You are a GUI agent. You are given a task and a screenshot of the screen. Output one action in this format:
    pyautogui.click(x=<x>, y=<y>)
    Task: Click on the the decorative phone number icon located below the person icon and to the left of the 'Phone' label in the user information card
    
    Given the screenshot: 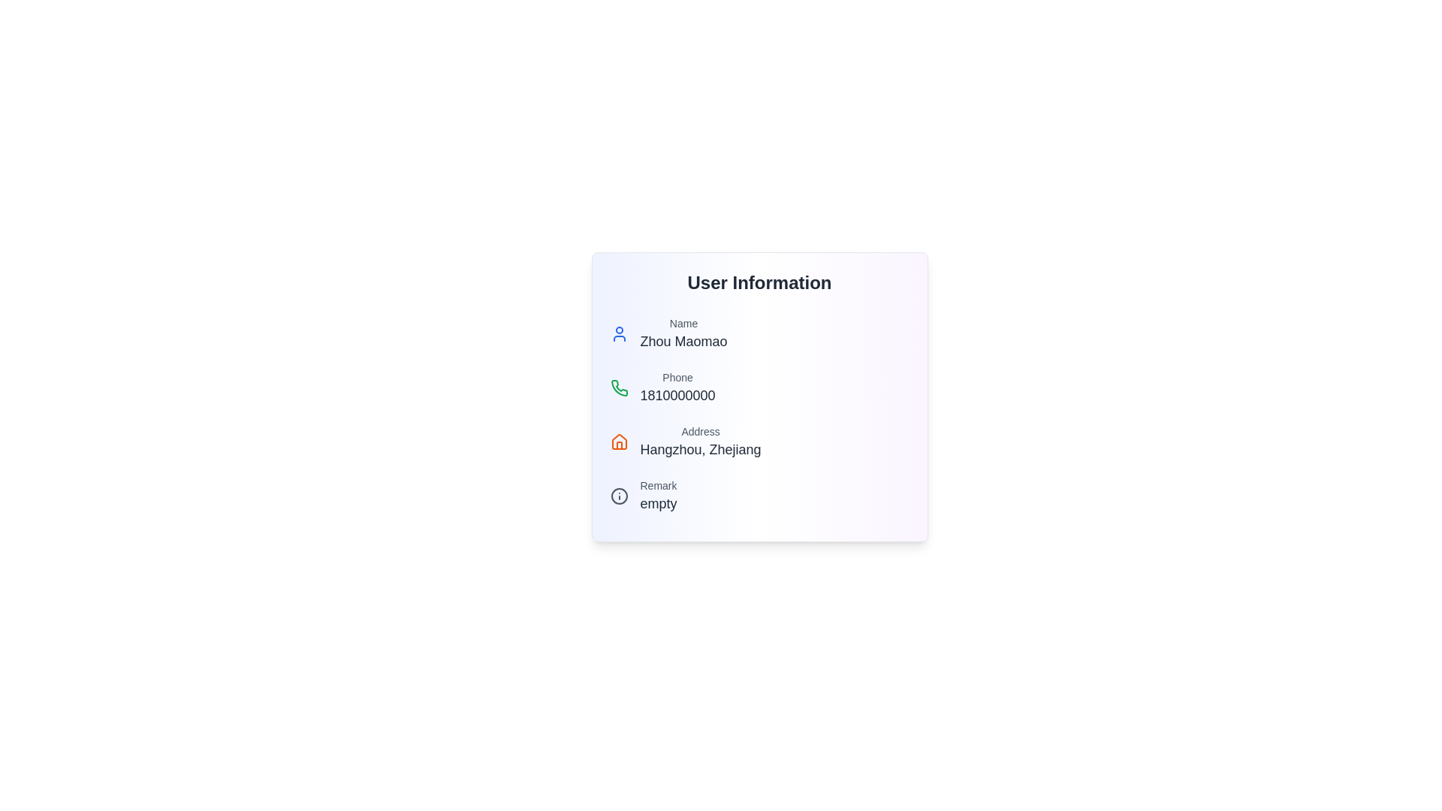 What is the action you would take?
    pyautogui.click(x=619, y=387)
    